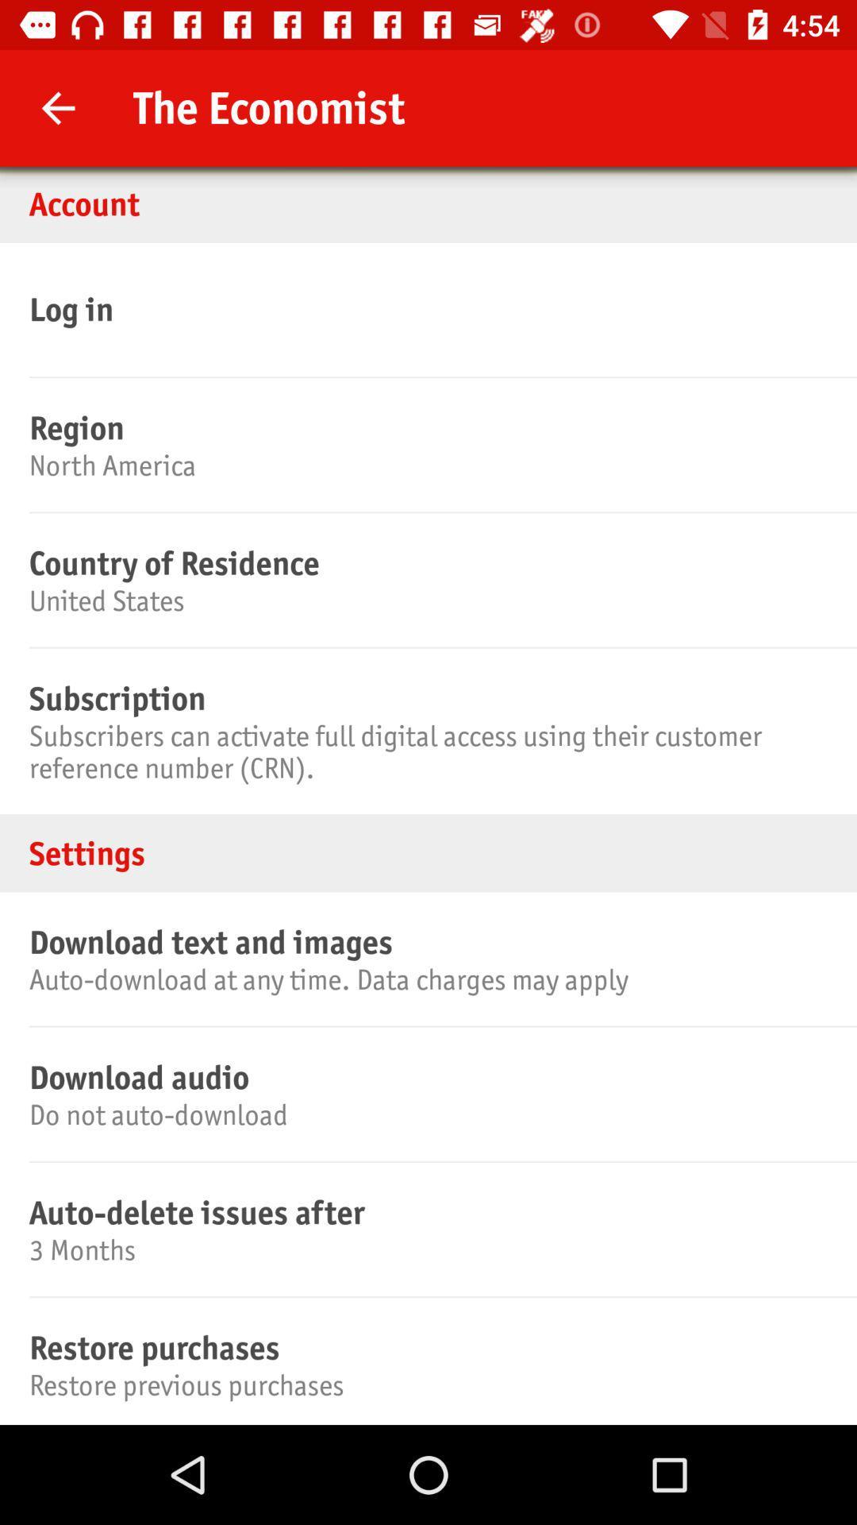  Describe the element at coordinates (425, 1077) in the screenshot. I see `the icon above the do not auto icon` at that location.